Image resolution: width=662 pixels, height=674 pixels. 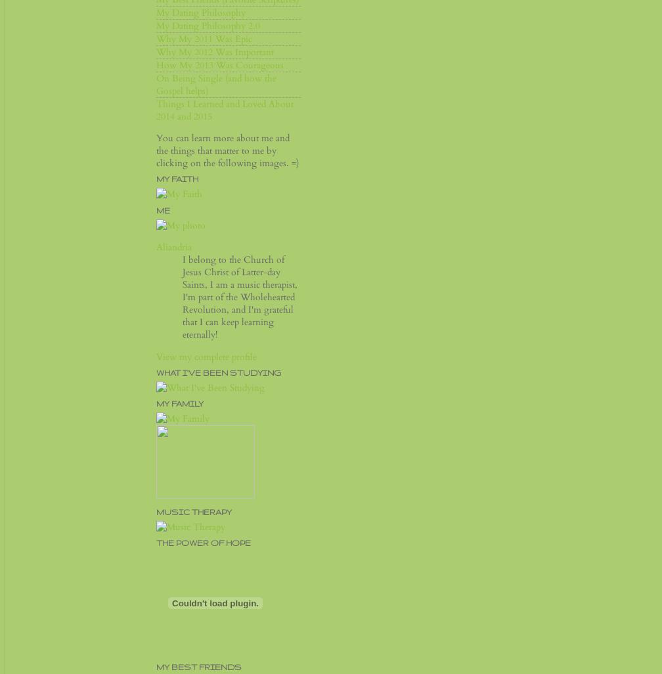 What do you see at coordinates (219, 64) in the screenshot?
I see `'How My 2013 Was Courageous'` at bounding box center [219, 64].